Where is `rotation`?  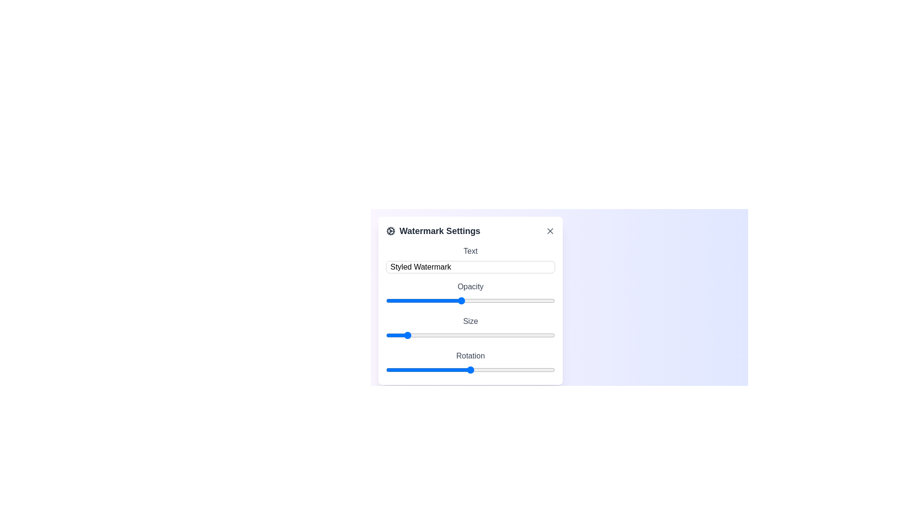 rotation is located at coordinates (457, 370).